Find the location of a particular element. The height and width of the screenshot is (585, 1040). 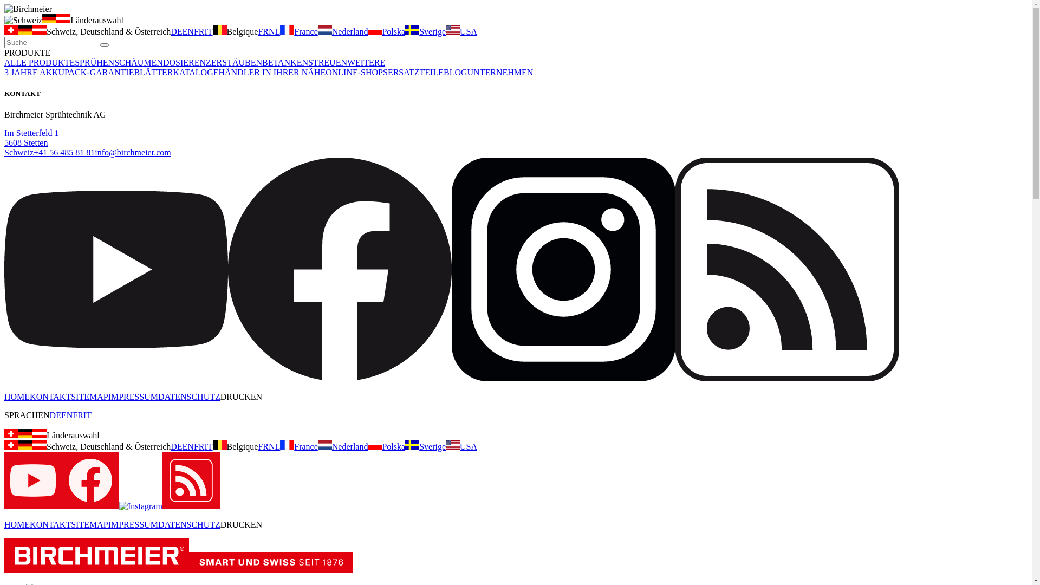

'ERSATZTEILE' is located at coordinates (415, 72).